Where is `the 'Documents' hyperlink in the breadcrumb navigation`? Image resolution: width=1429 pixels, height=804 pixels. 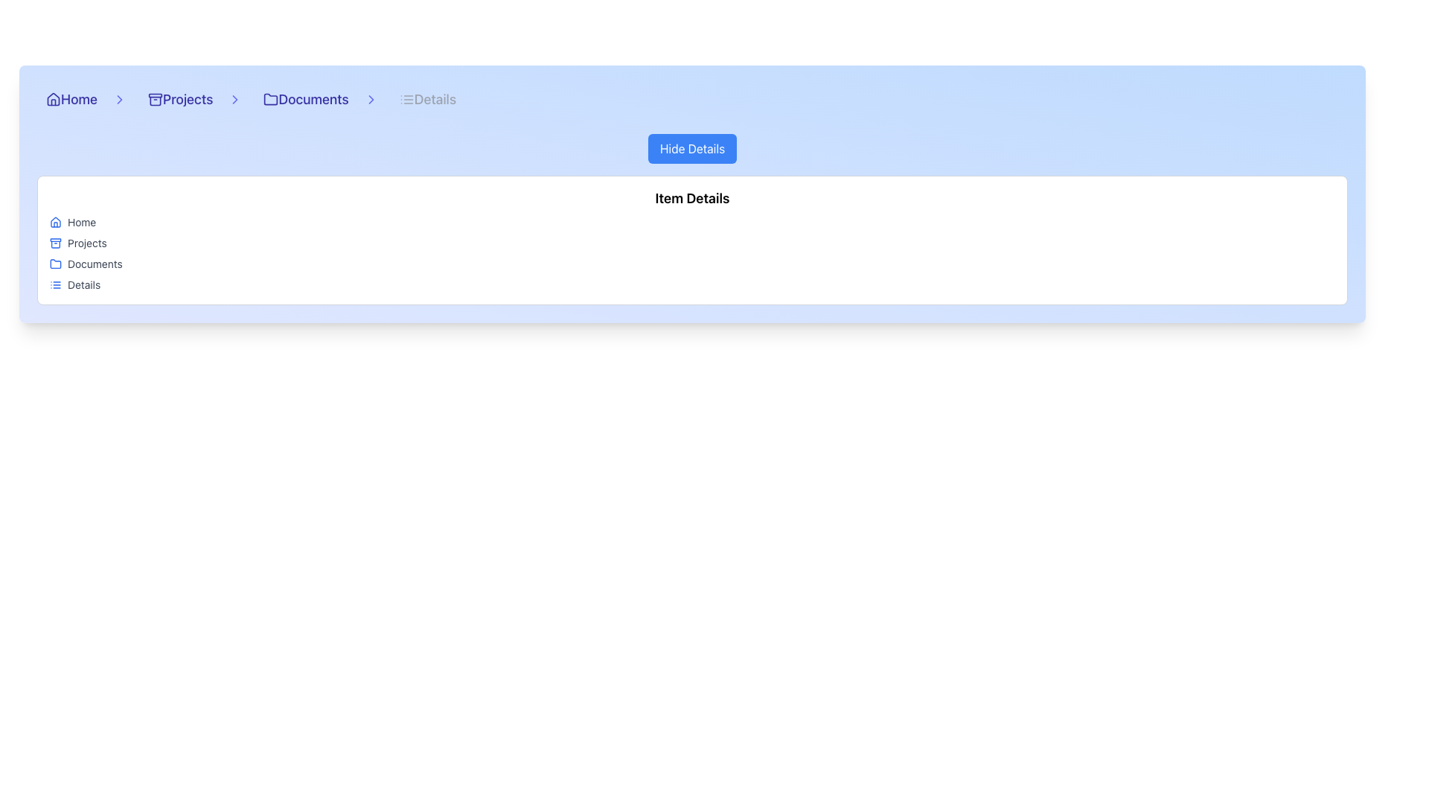
the 'Documents' hyperlink in the breadcrumb navigation is located at coordinates (305, 100).